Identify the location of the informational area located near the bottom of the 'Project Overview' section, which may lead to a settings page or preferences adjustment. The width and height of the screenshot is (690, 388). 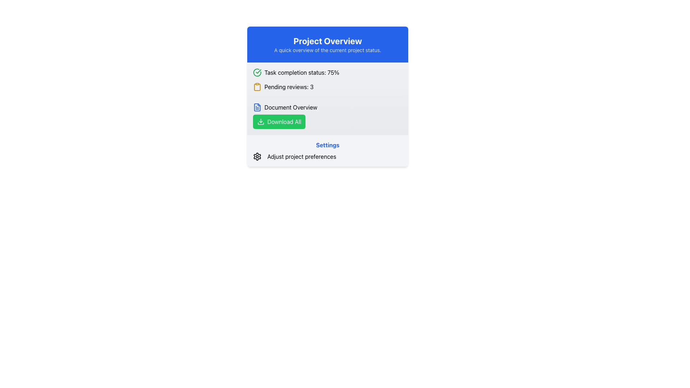
(327, 150).